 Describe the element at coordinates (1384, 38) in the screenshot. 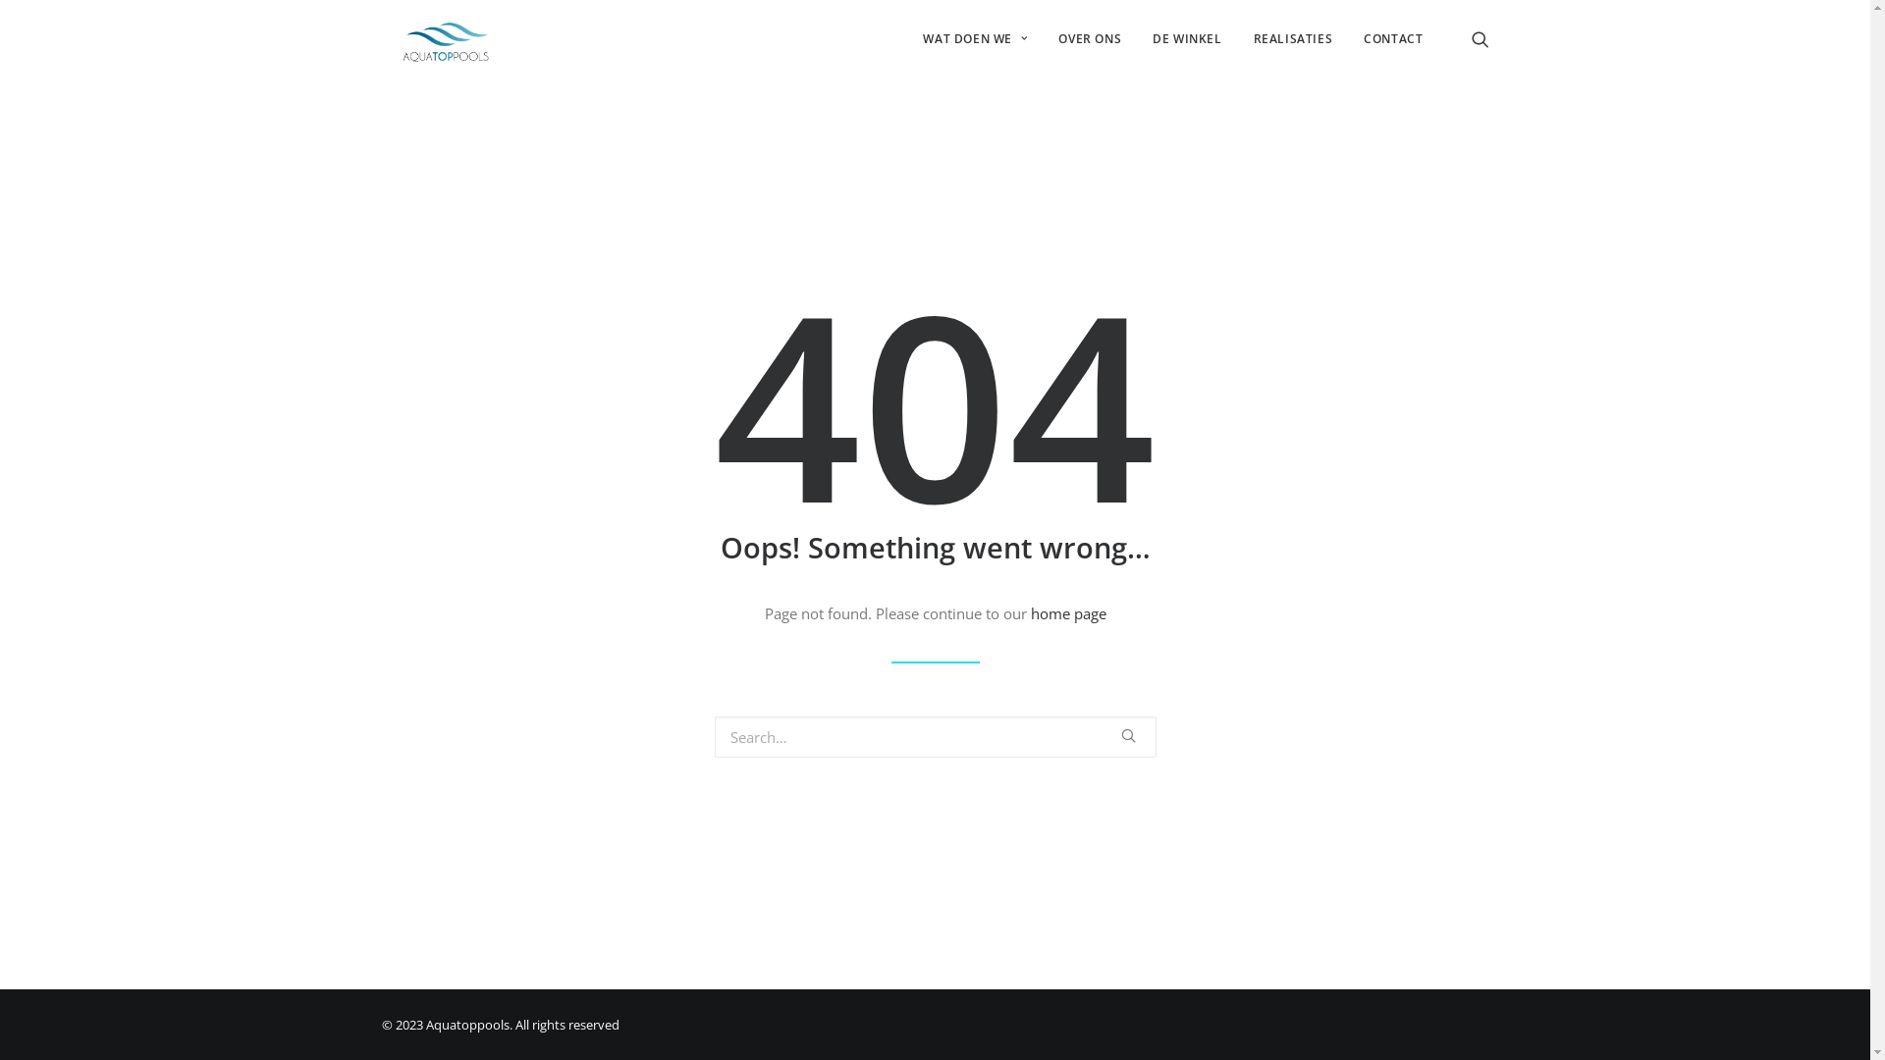

I see `'CONTACT'` at that location.